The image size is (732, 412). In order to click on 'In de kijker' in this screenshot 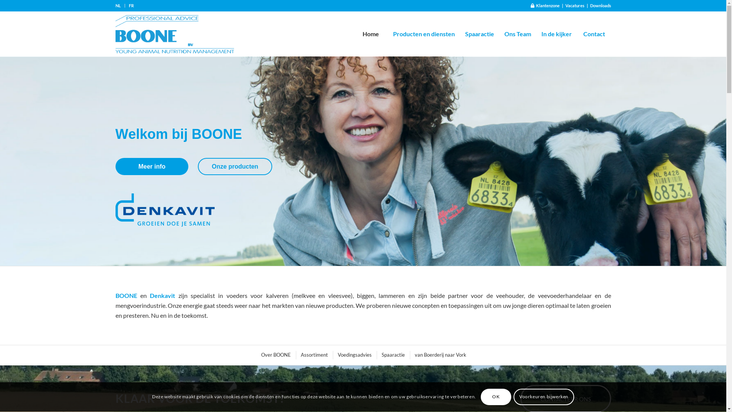, I will do `click(556, 33)`.